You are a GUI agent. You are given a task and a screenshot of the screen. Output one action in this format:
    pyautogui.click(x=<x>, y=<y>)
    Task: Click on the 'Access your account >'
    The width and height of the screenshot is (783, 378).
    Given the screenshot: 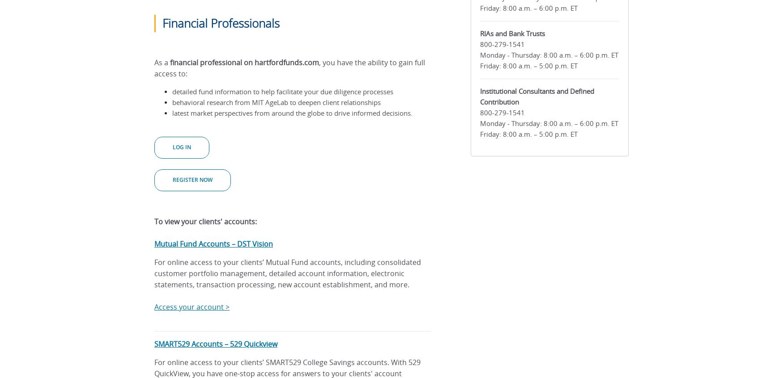 What is the action you would take?
    pyautogui.click(x=191, y=307)
    